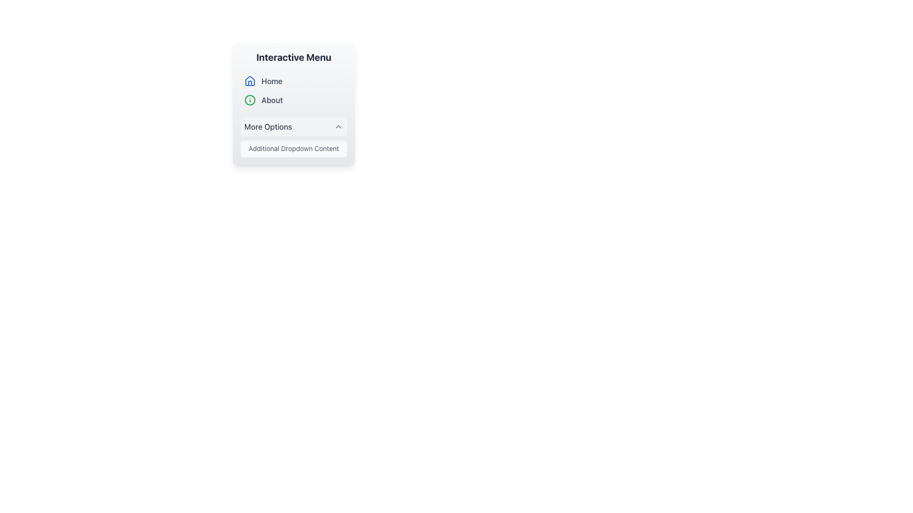 This screenshot has height=513, width=913. What do you see at coordinates (293, 80) in the screenshot?
I see `the navigational link at the top of the vertical menu structure` at bounding box center [293, 80].